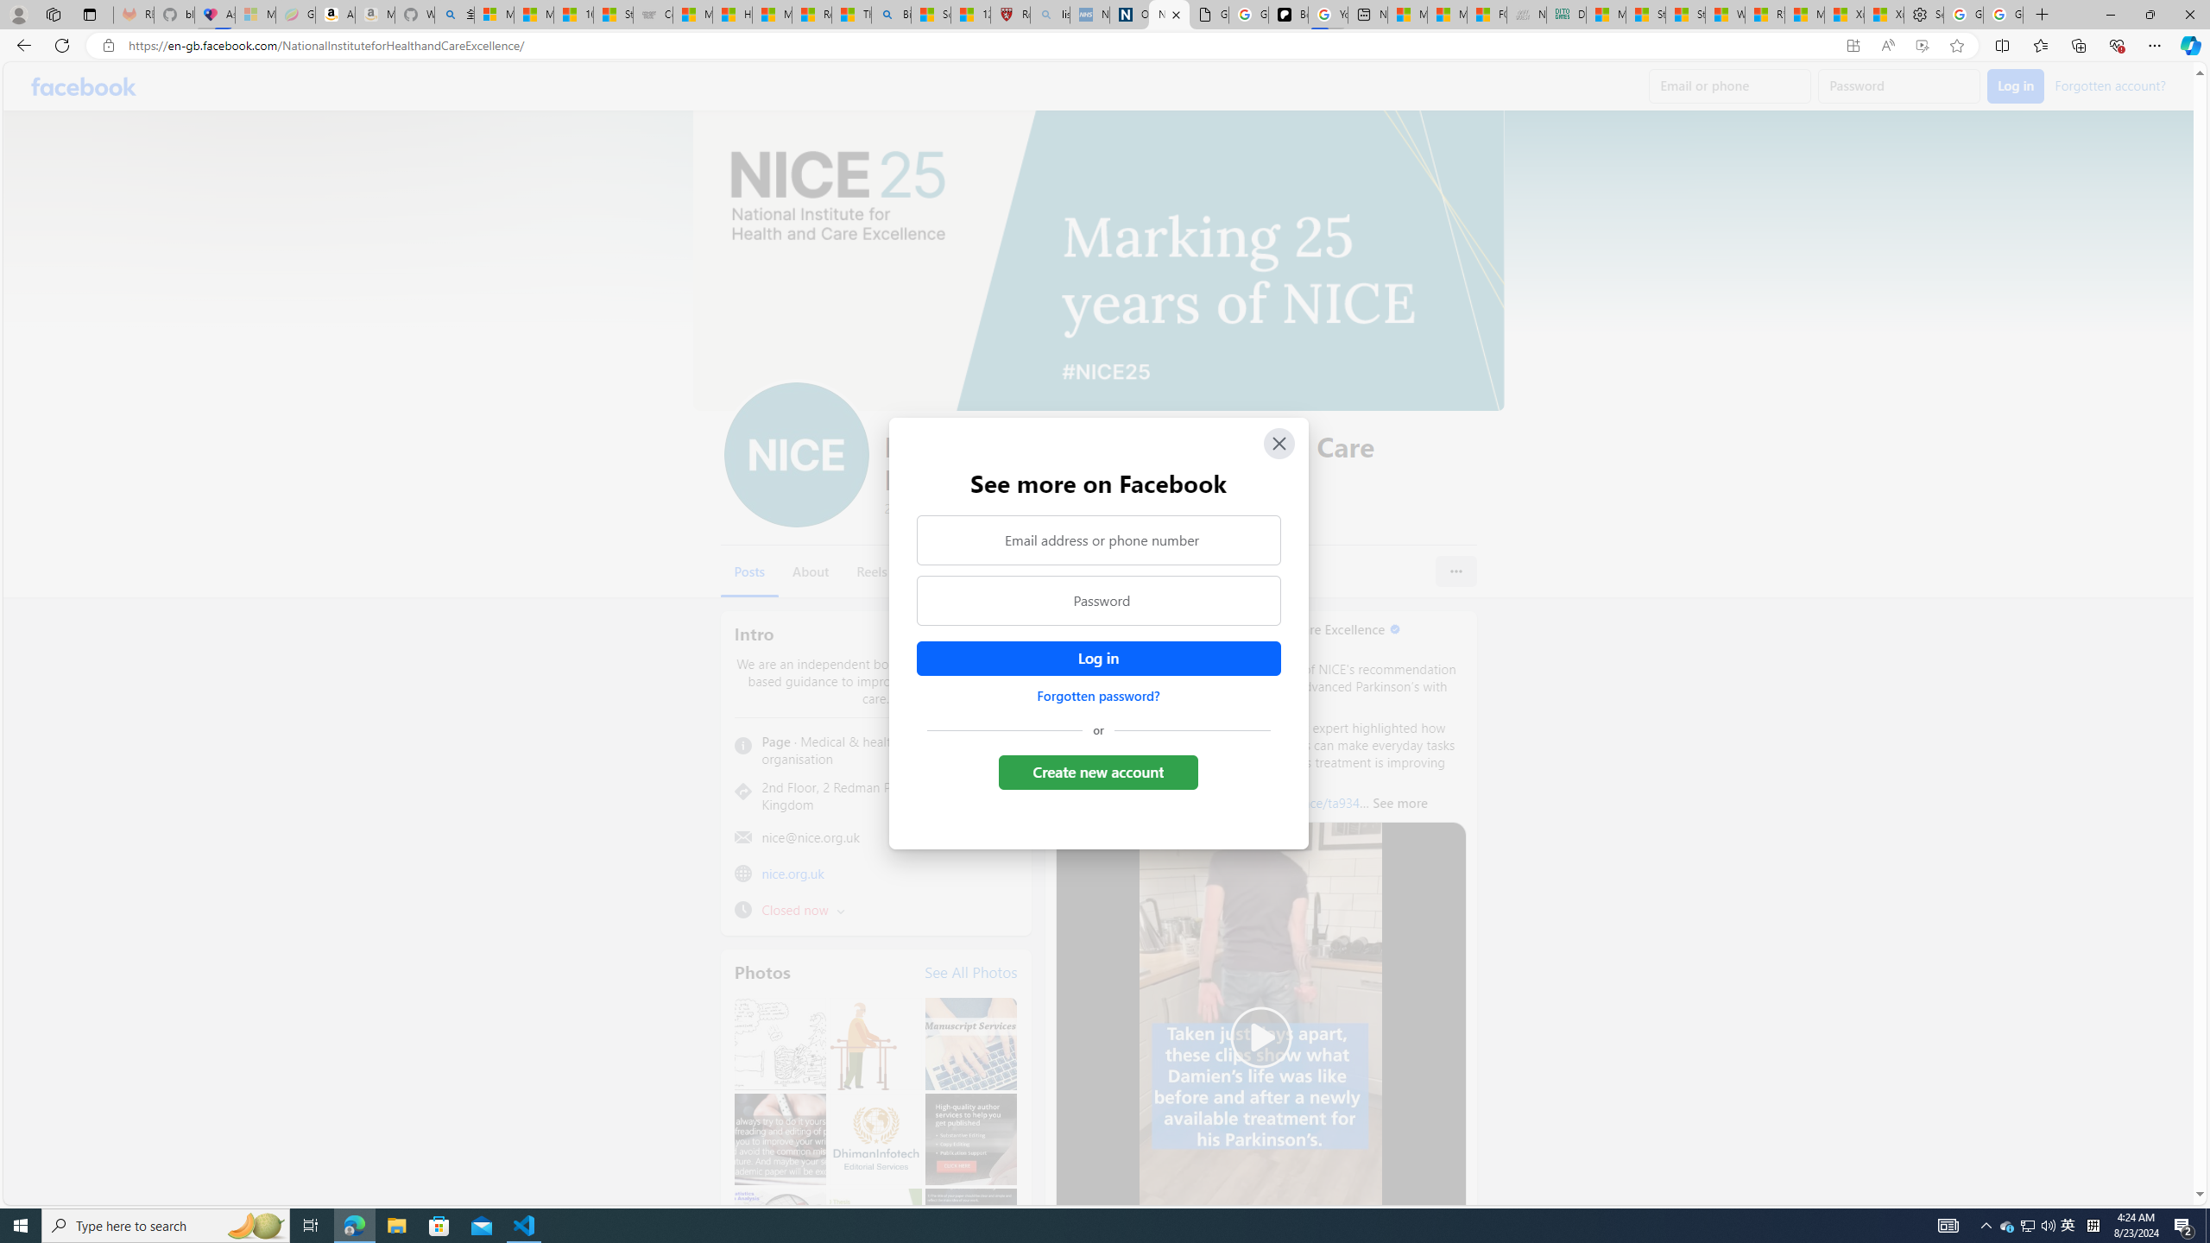  What do you see at coordinates (84, 85) in the screenshot?
I see `'Facebook'` at bounding box center [84, 85].